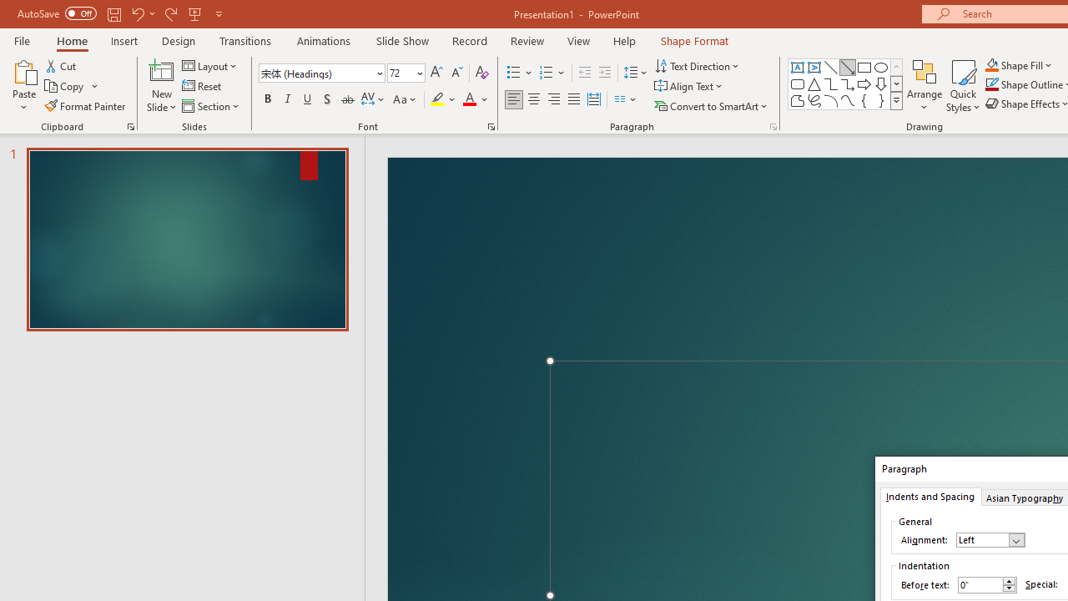 The height and width of the screenshot is (601, 1068). Describe the element at coordinates (992, 84) in the screenshot. I see `'Shape Outline Blue, Accent 1'` at that location.